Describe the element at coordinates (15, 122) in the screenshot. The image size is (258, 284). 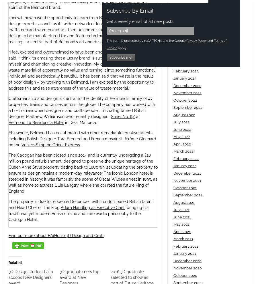
I see `'Belmon'` at that location.